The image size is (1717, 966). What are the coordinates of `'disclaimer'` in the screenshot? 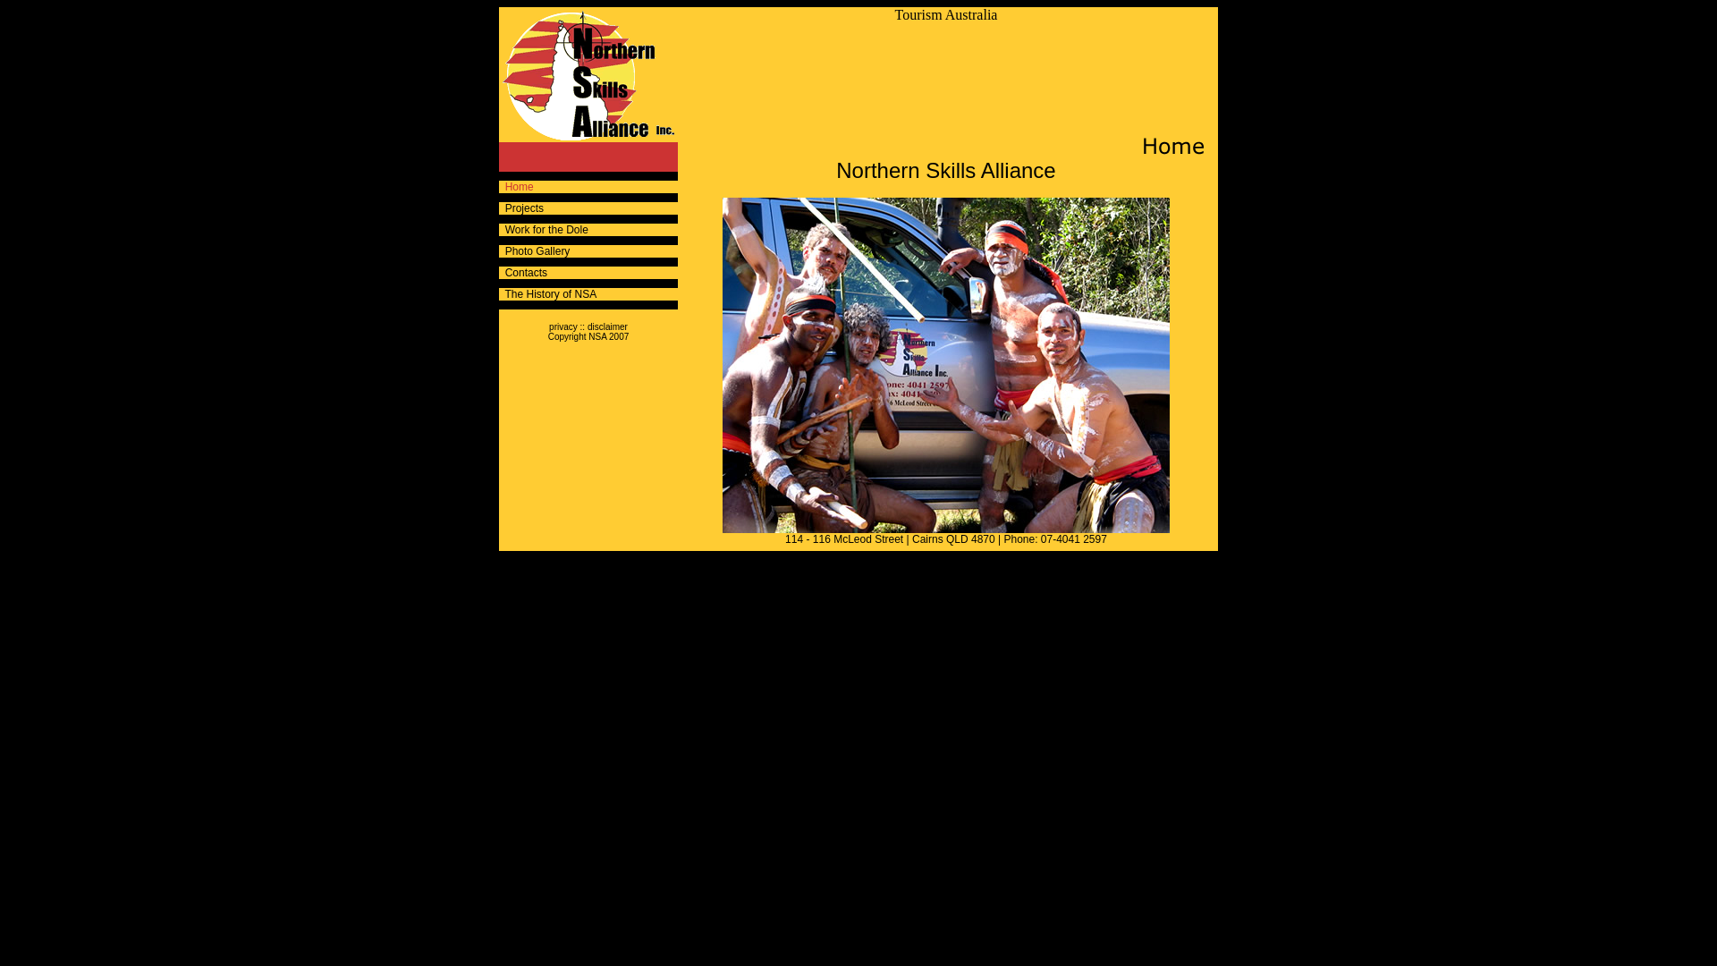 It's located at (607, 326).